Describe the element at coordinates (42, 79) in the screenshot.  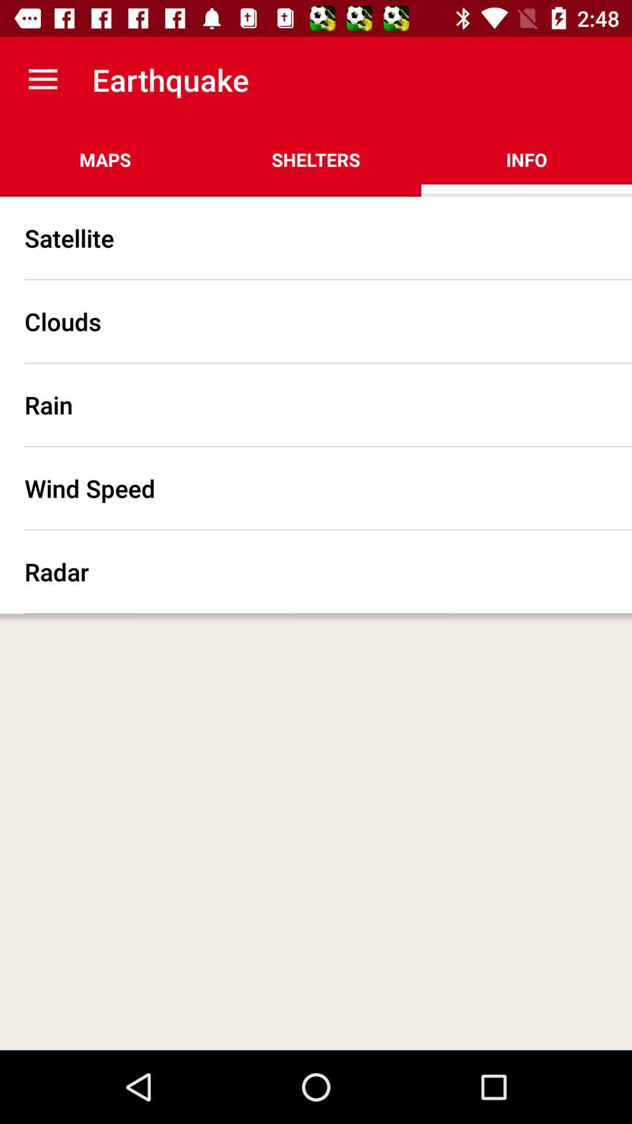
I see `item to the left of earthquake icon` at that location.